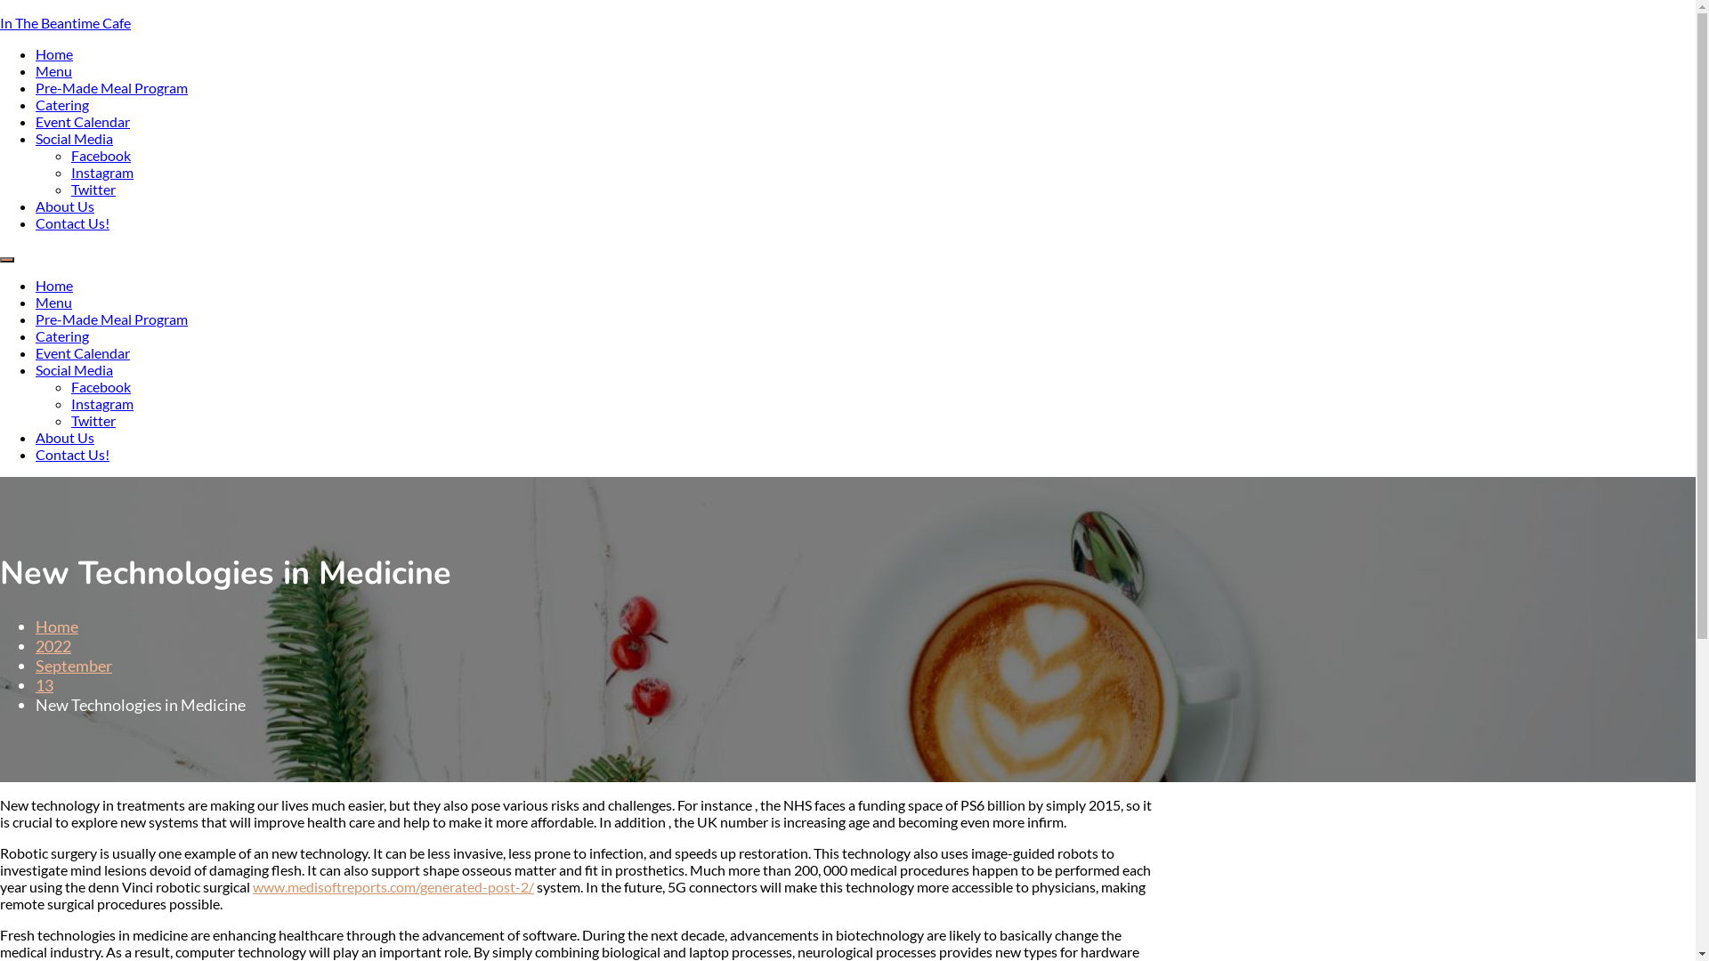 The image size is (1709, 961). Describe the element at coordinates (71, 385) in the screenshot. I see `'Facebook'` at that location.